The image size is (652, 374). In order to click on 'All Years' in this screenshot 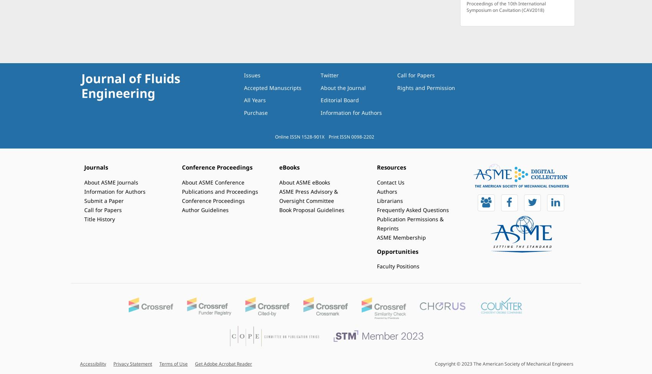, I will do `click(255, 100)`.